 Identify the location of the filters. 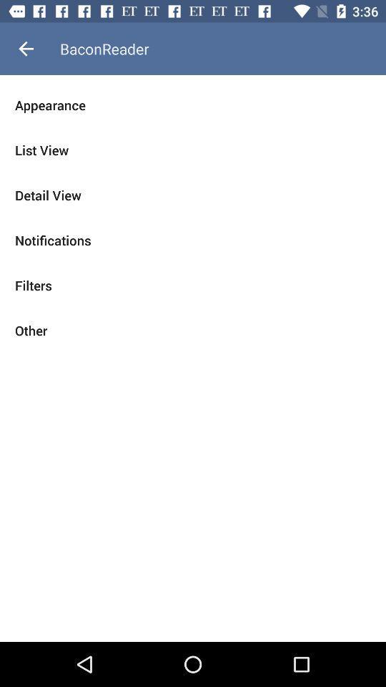
(193, 284).